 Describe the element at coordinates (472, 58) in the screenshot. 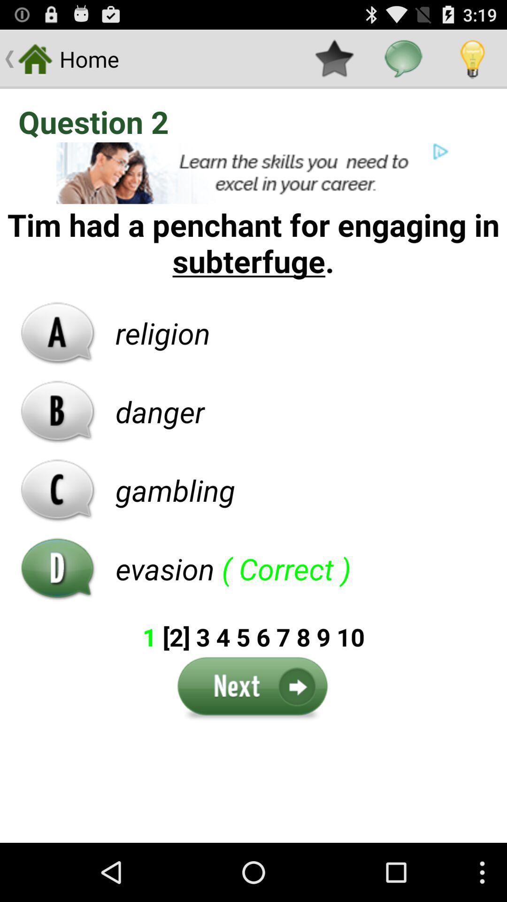

I see `item above the question 2` at that location.